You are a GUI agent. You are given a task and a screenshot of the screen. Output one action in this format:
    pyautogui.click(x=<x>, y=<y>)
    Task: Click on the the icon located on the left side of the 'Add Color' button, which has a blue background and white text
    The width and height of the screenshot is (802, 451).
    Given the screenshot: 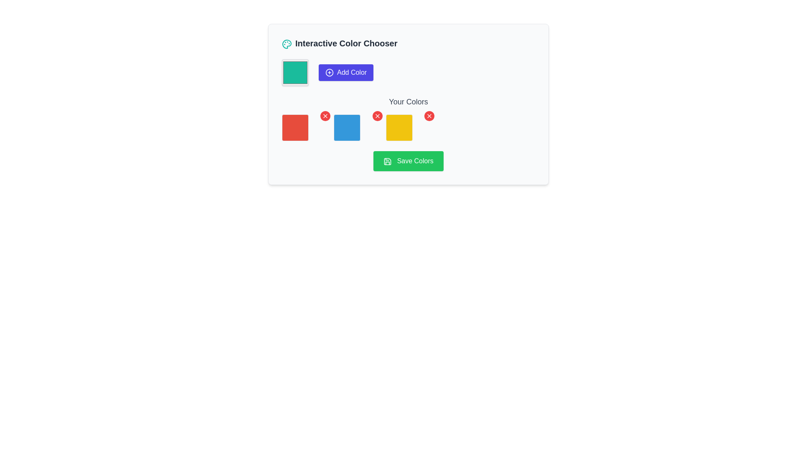 What is the action you would take?
    pyautogui.click(x=329, y=72)
    